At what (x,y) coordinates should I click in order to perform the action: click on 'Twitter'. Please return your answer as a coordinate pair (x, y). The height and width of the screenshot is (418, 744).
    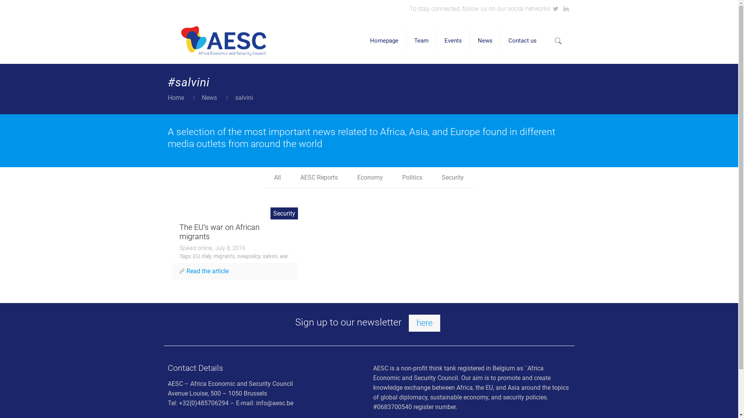
    Looking at the image, I should click on (551, 9).